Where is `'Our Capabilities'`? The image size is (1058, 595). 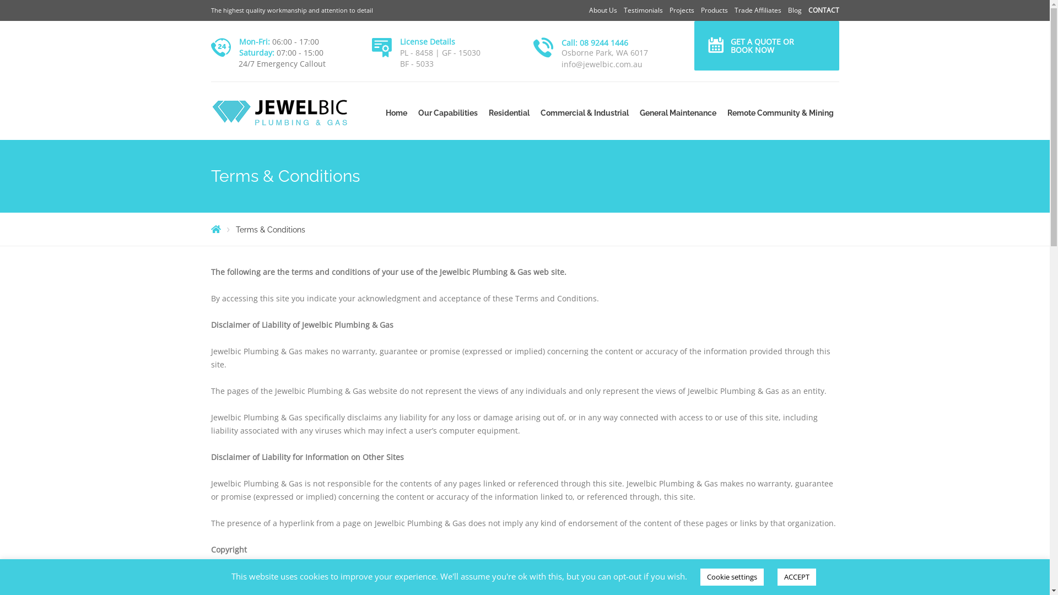
'Our Capabilities' is located at coordinates (447, 112).